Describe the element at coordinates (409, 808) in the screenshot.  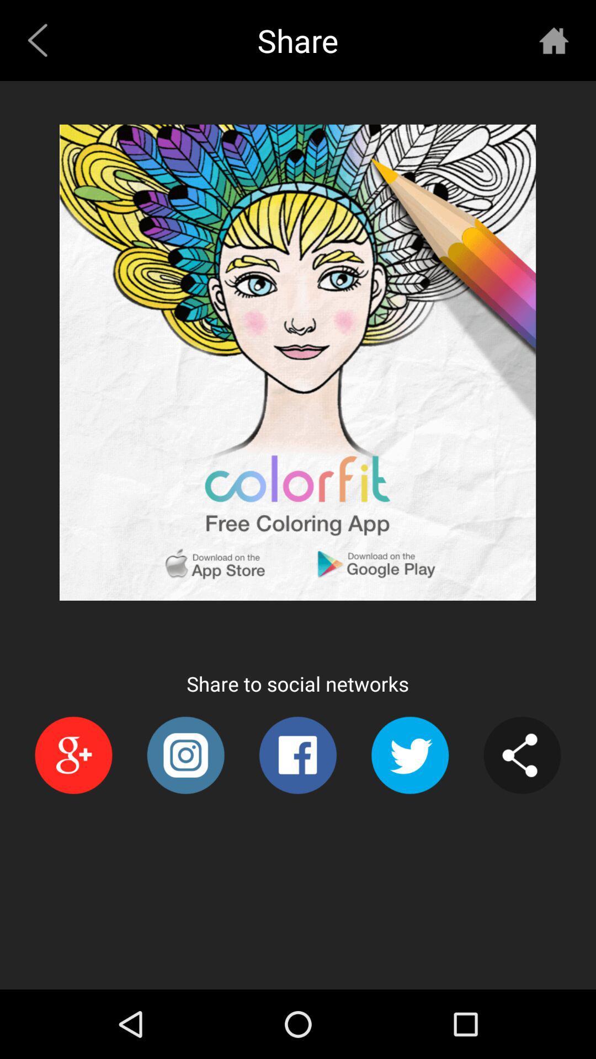
I see `the twitter icon` at that location.